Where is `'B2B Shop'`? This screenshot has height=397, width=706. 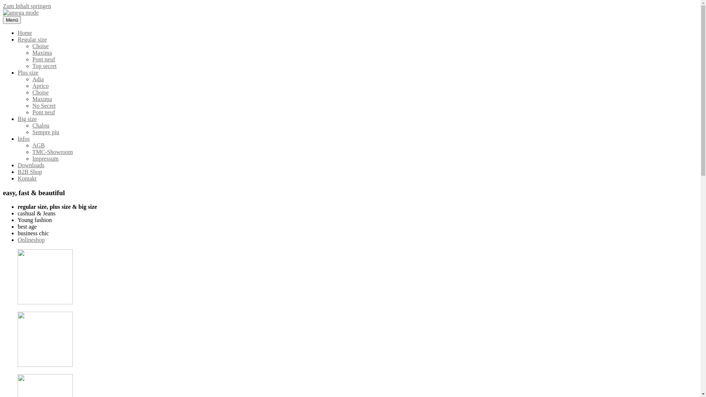
'B2B Shop' is located at coordinates (18, 172).